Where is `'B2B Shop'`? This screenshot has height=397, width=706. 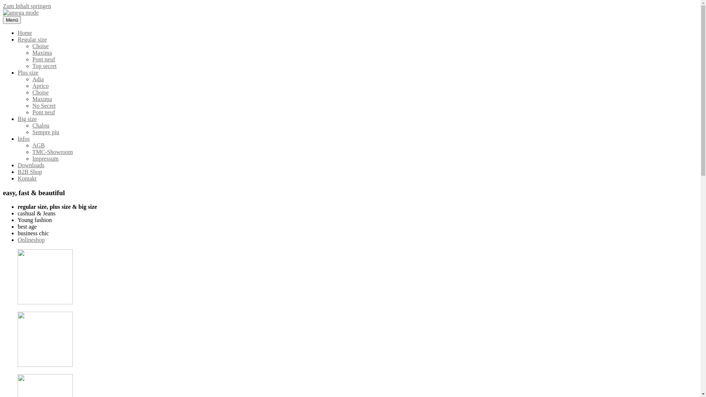
'B2B Shop' is located at coordinates (18, 172).